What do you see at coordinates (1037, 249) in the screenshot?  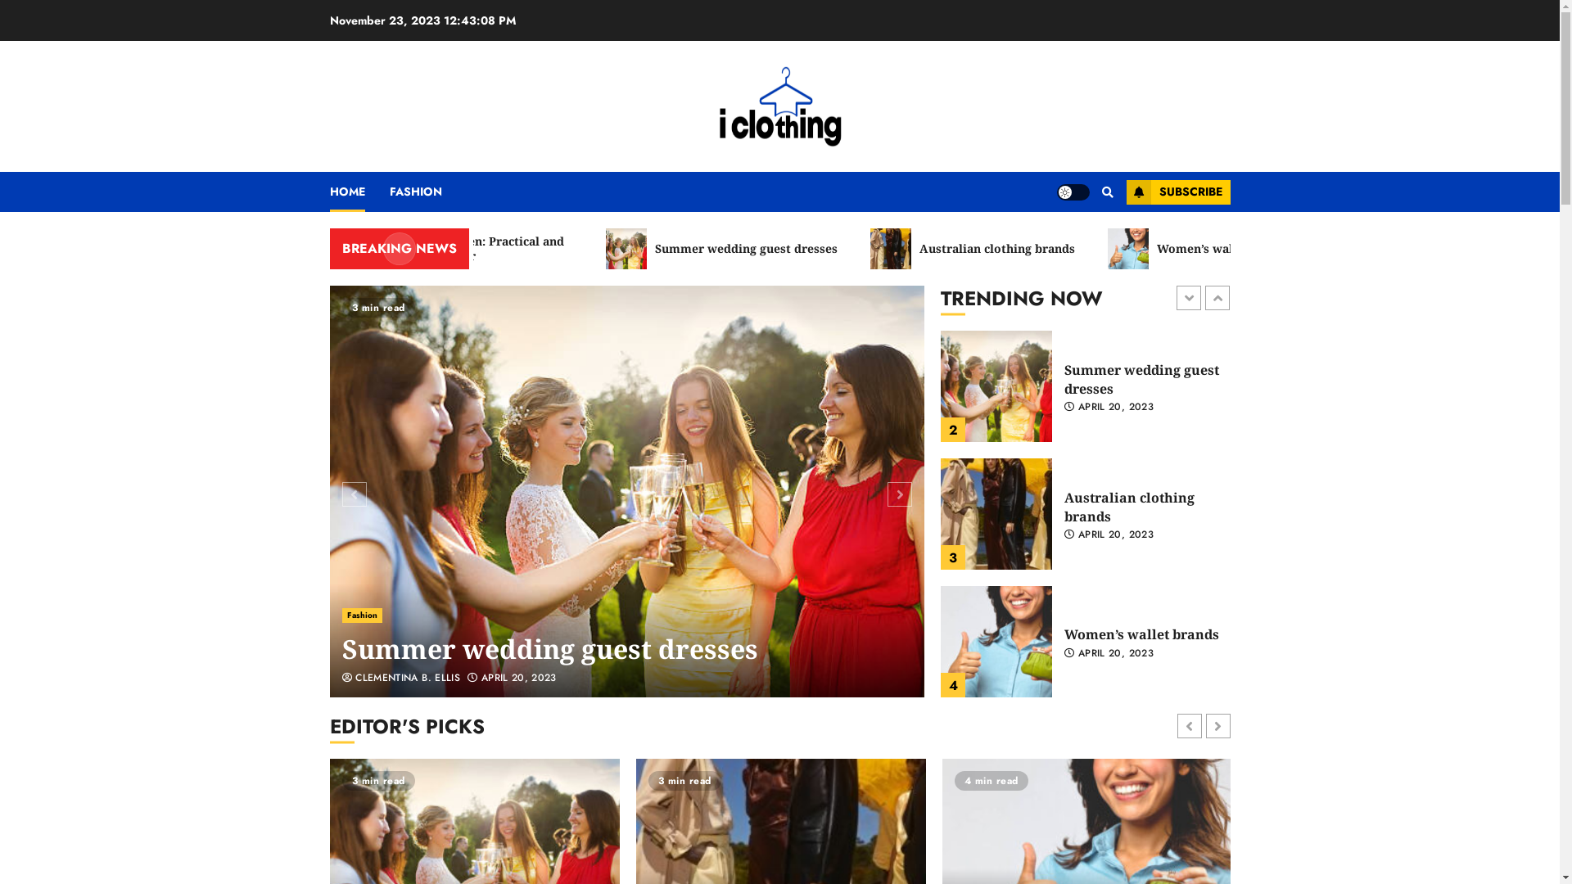 I see `'Australian clothing brands'` at bounding box center [1037, 249].